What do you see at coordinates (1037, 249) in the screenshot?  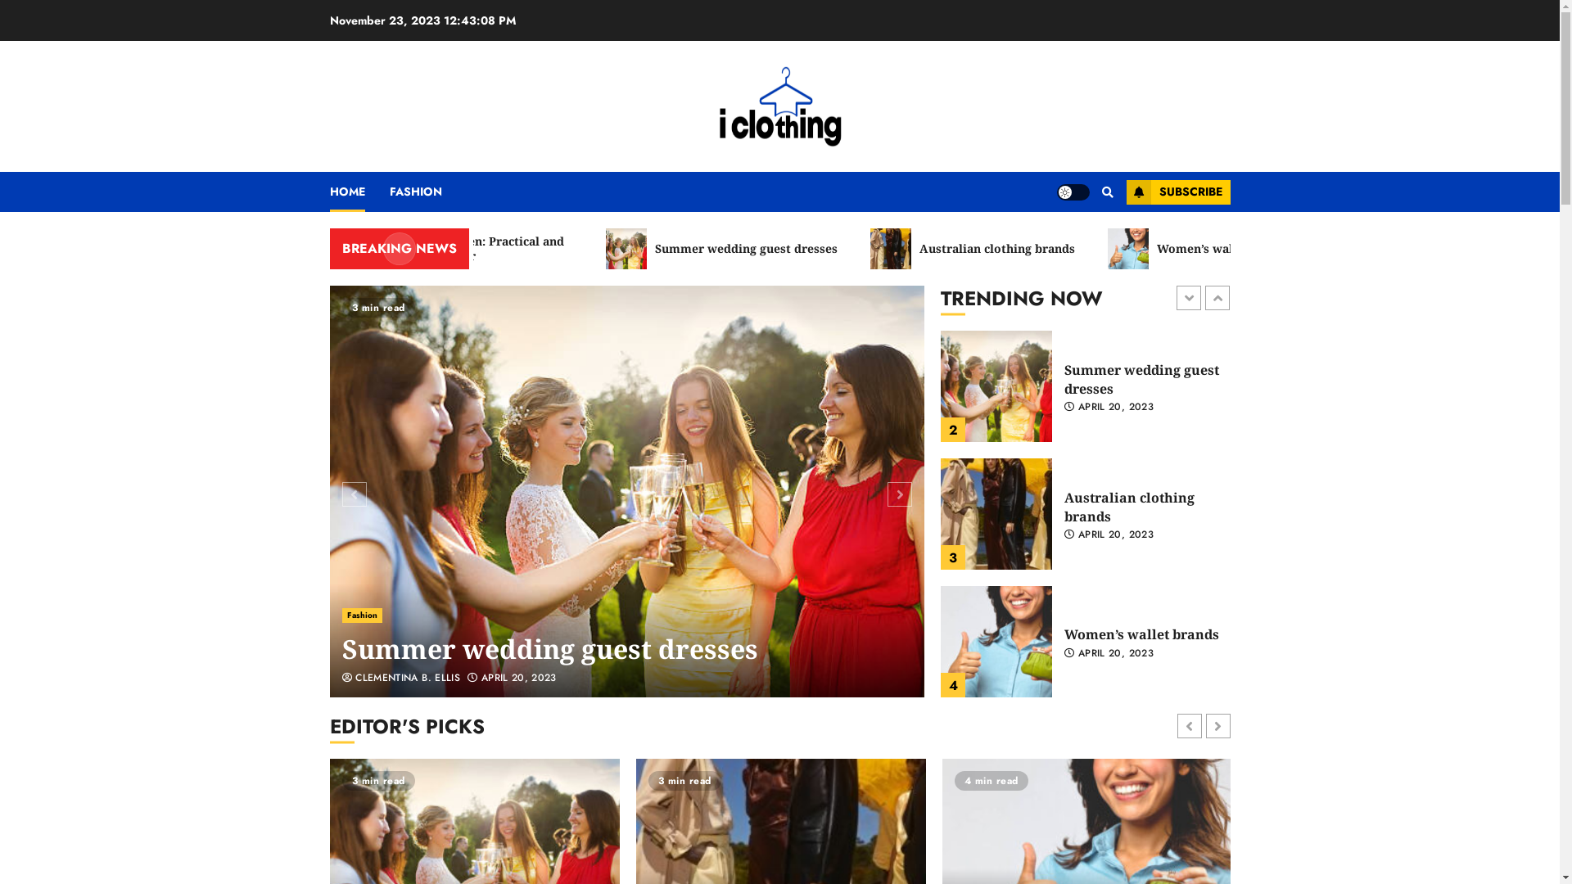 I see `'Australian clothing brands'` at bounding box center [1037, 249].